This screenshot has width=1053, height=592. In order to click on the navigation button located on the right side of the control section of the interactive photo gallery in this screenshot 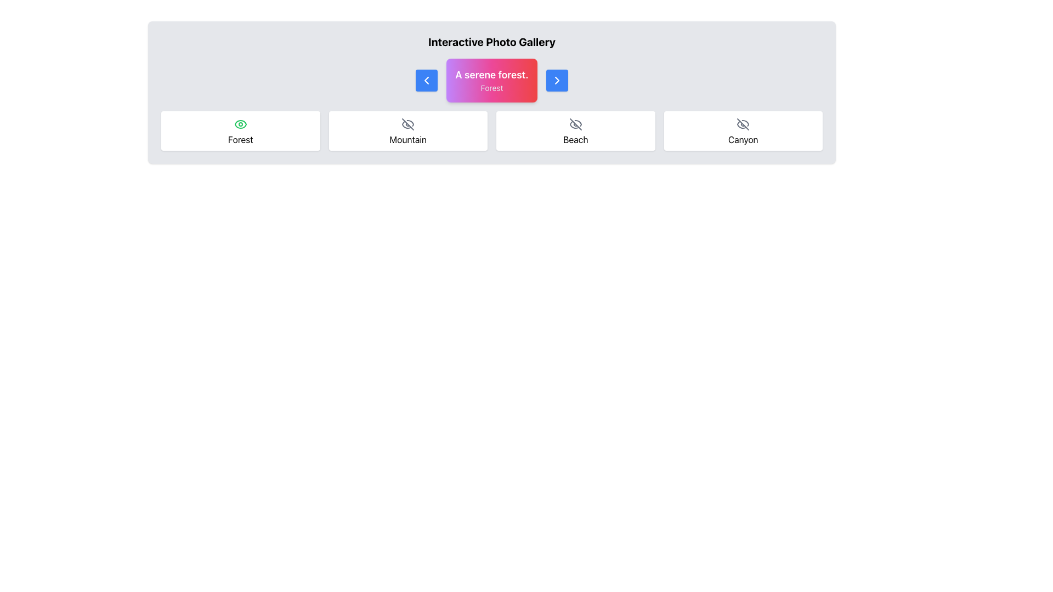, I will do `click(557, 79)`.